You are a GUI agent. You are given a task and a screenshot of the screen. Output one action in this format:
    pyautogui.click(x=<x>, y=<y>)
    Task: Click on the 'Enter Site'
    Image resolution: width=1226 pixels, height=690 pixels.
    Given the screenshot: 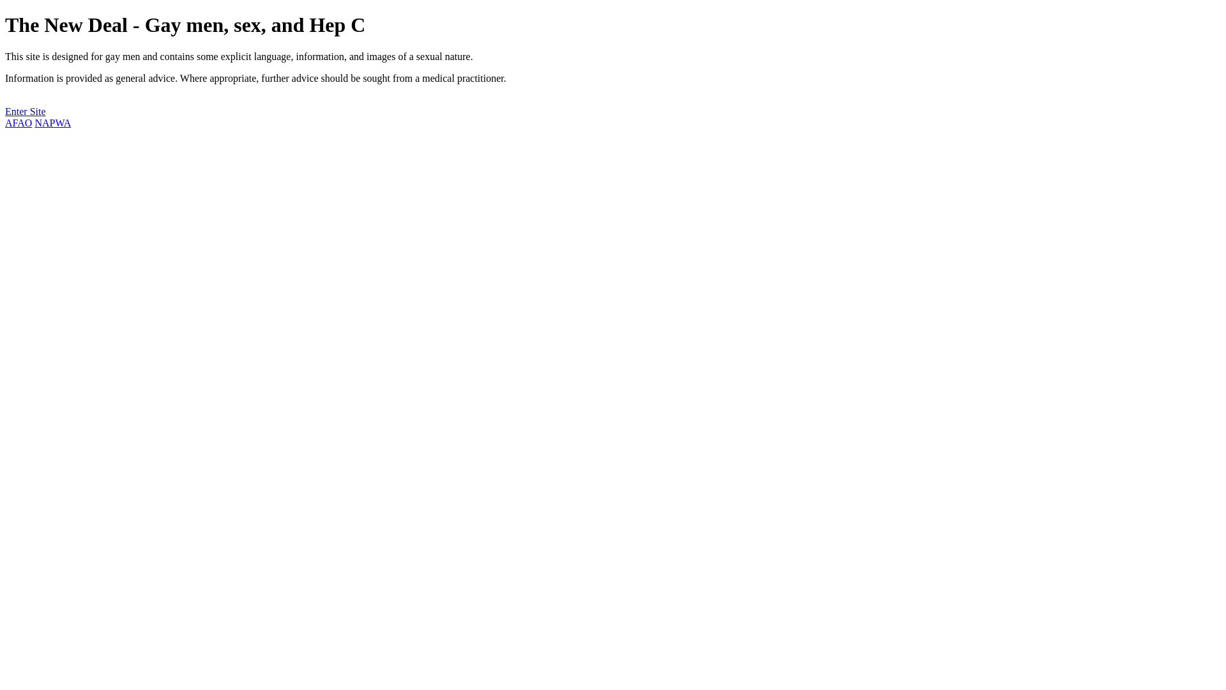 What is the action you would take?
    pyautogui.click(x=25, y=111)
    